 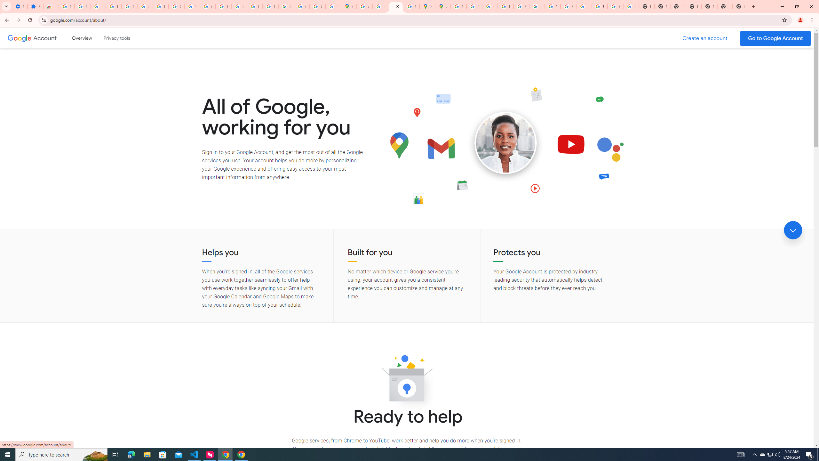 I want to click on 'Google Account overview', so click(x=82, y=38).